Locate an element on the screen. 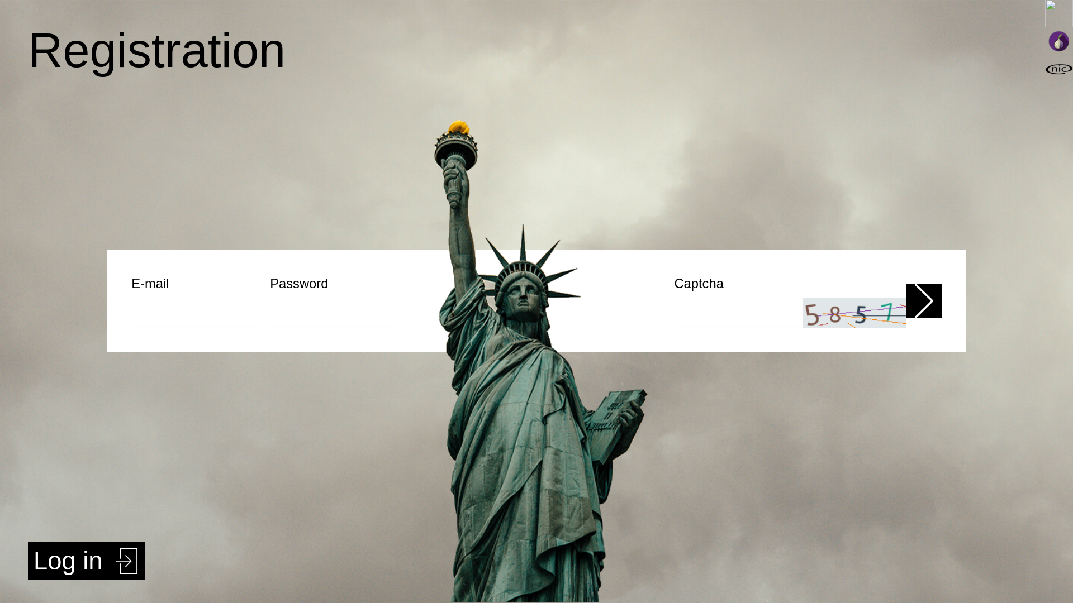 This screenshot has width=1073, height=603. 'Log in' is located at coordinates (86, 561).